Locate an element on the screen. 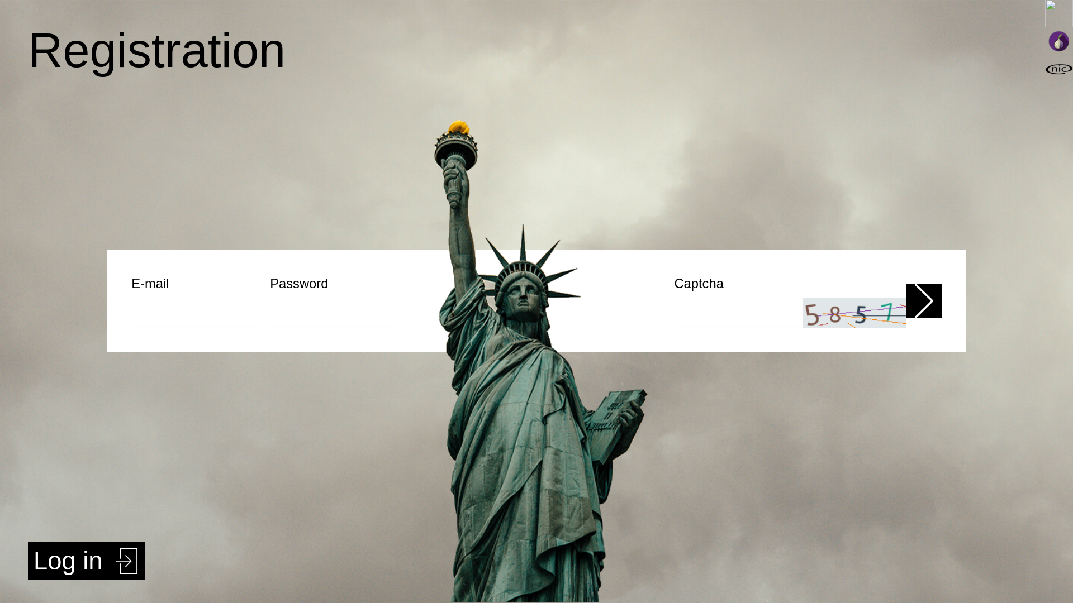 This screenshot has width=1073, height=603. 'Log in' is located at coordinates (86, 561).